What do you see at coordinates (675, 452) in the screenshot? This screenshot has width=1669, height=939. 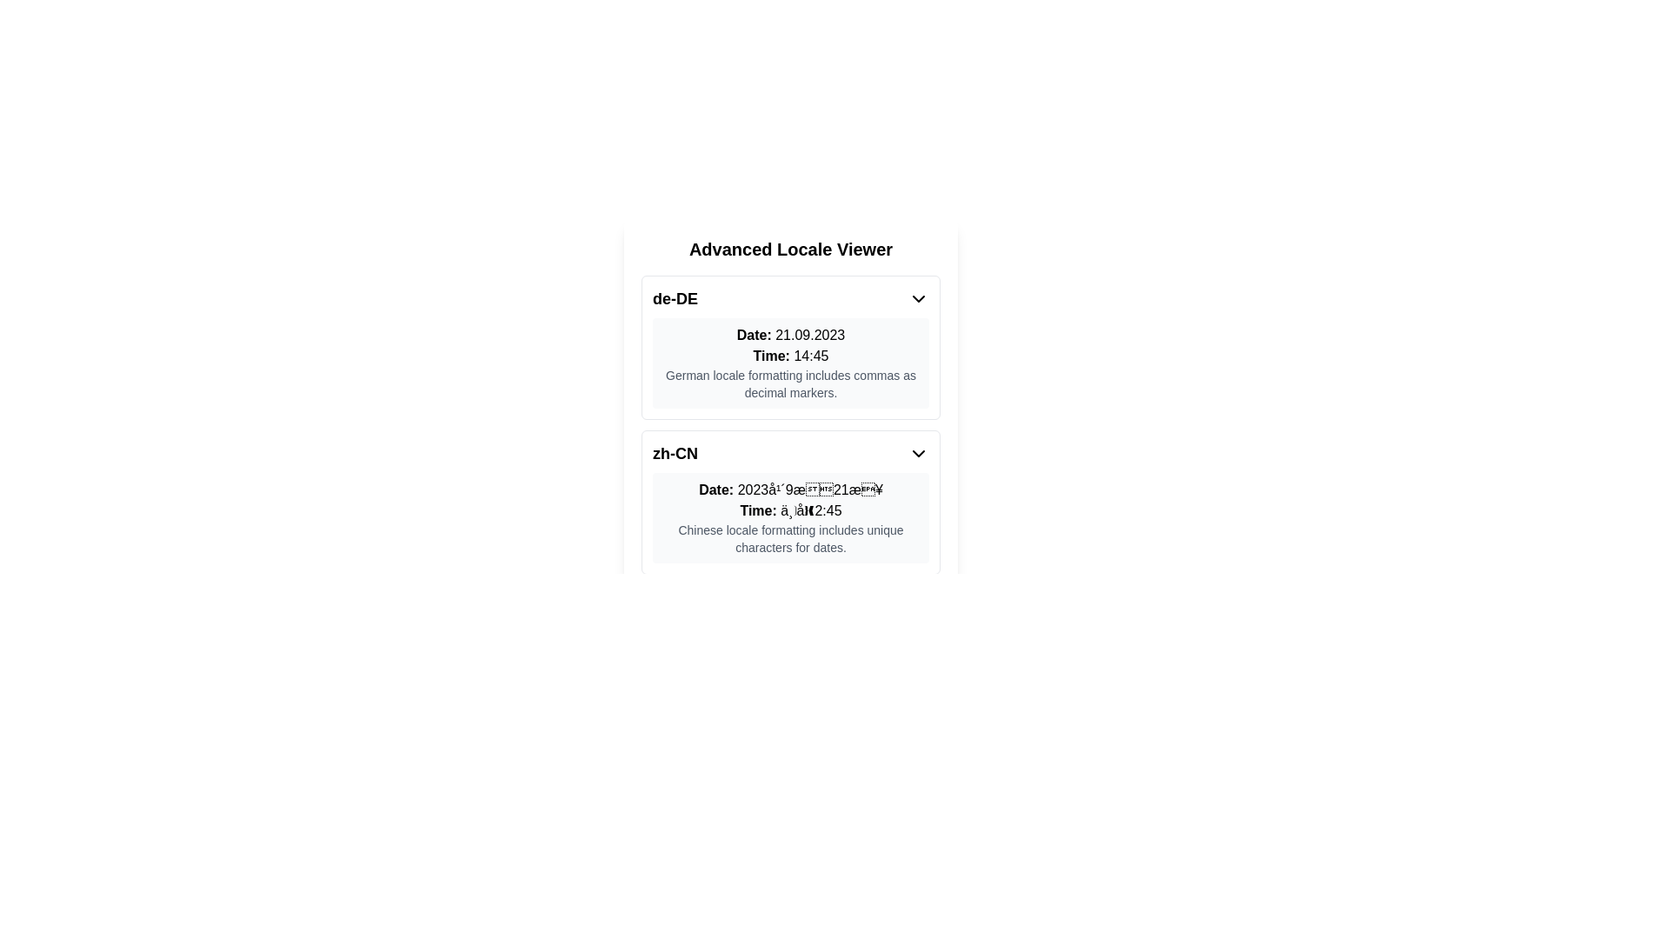 I see `the static text label indicating the Chinese locale identifier 'zh-CN', located at the top-left corner of the 'zh-CN' section under 'Advanced Locale Viewer'` at bounding box center [675, 452].